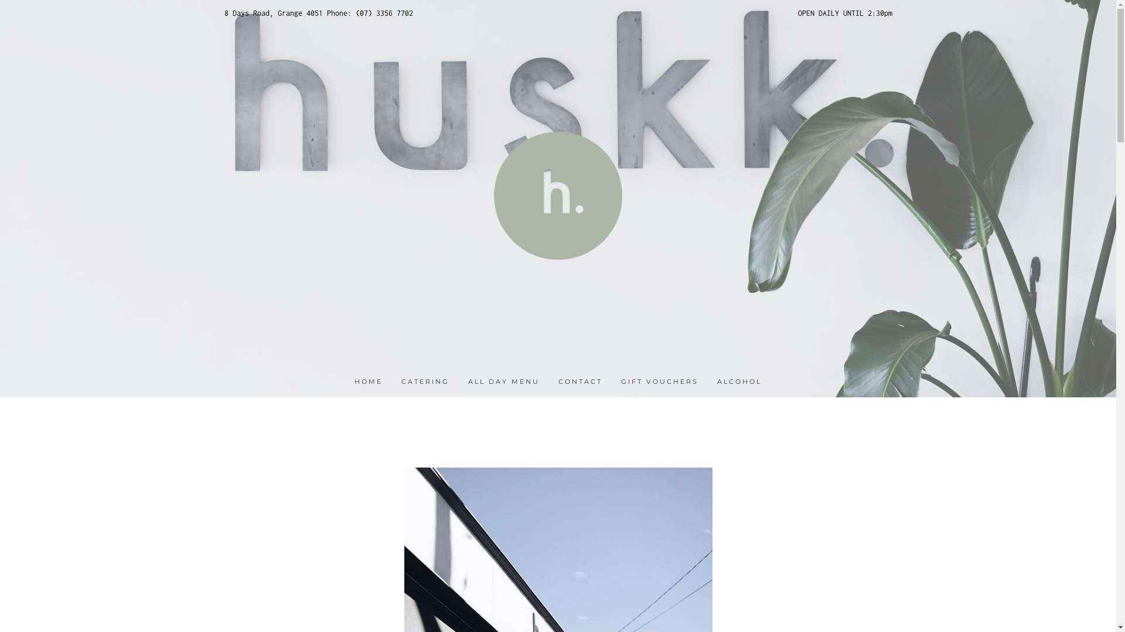  Describe the element at coordinates (424, 382) in the screenshot. I see `'CATERING'` at that location.